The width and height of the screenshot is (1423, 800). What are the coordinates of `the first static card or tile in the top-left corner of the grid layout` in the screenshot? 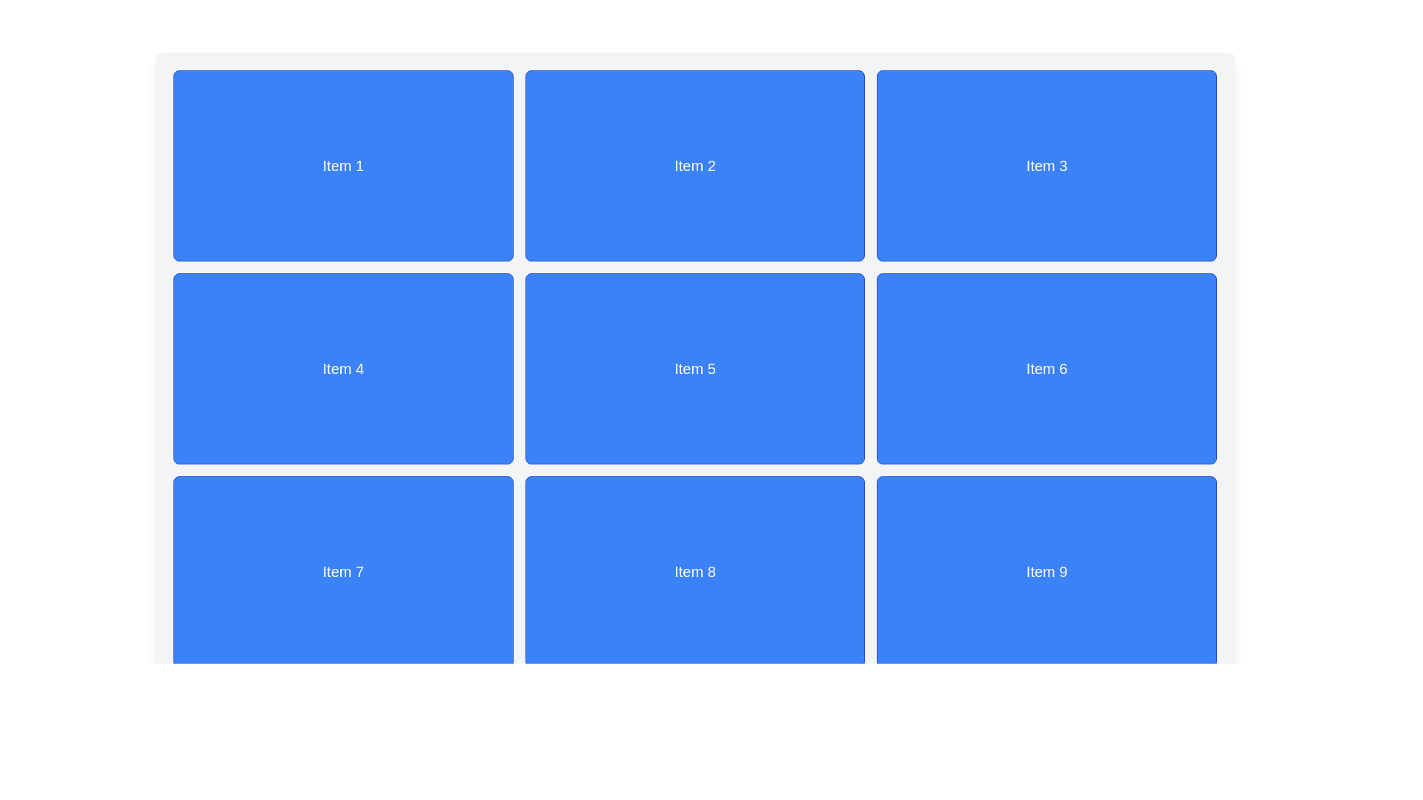 It's located at (342, 165).